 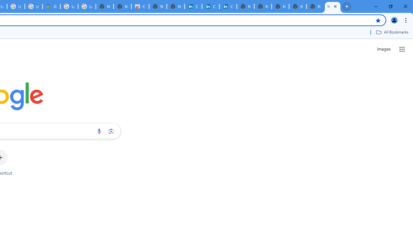 I want to click on 'Cookie Policy | LinkedIn', so click(x=193, y=6).